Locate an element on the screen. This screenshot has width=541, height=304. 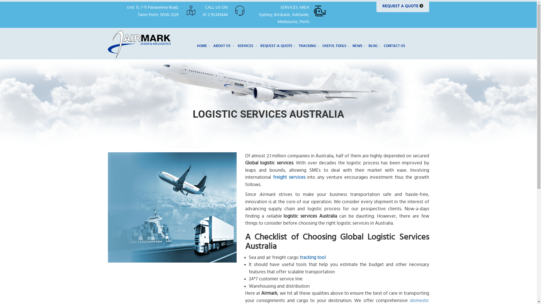
'HOME' is located at coordinates (203, 45).